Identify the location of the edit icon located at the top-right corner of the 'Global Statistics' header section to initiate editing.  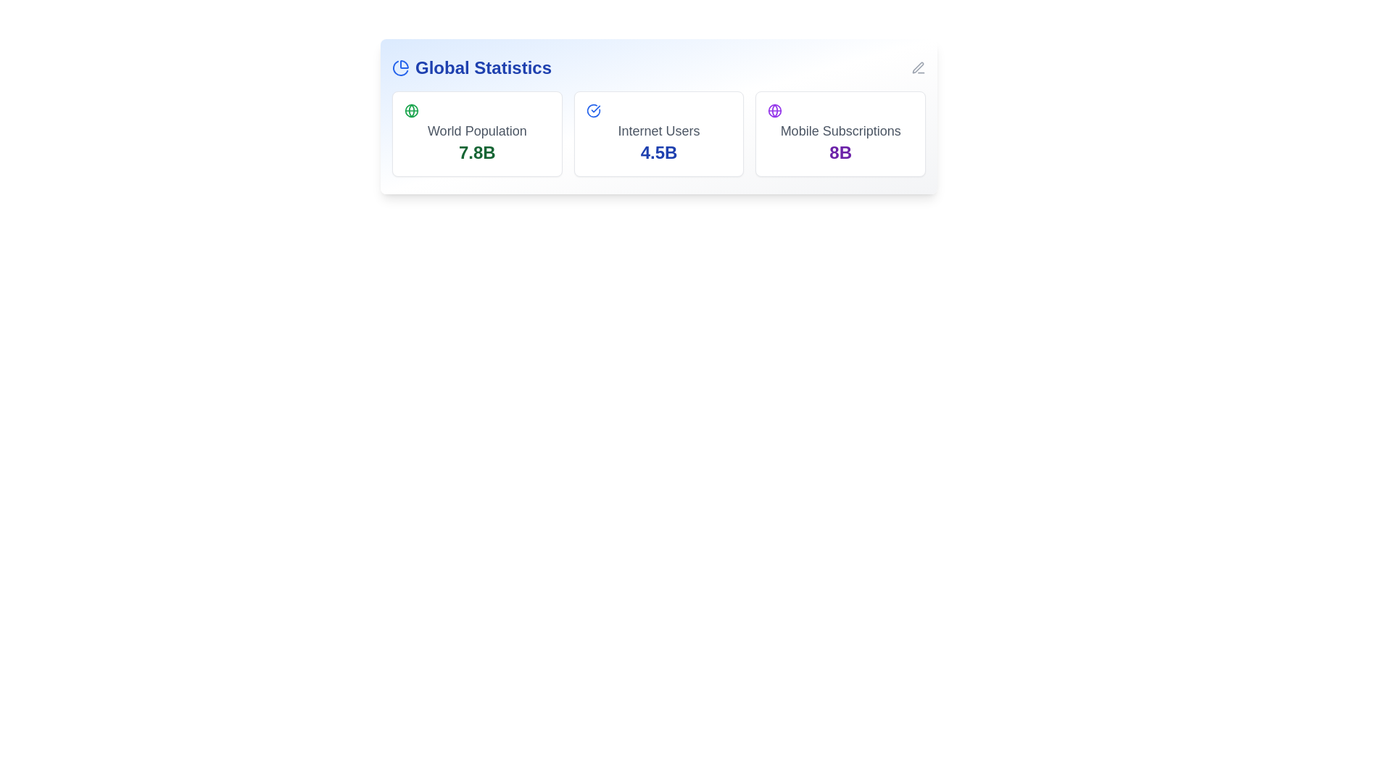
(918, 67).